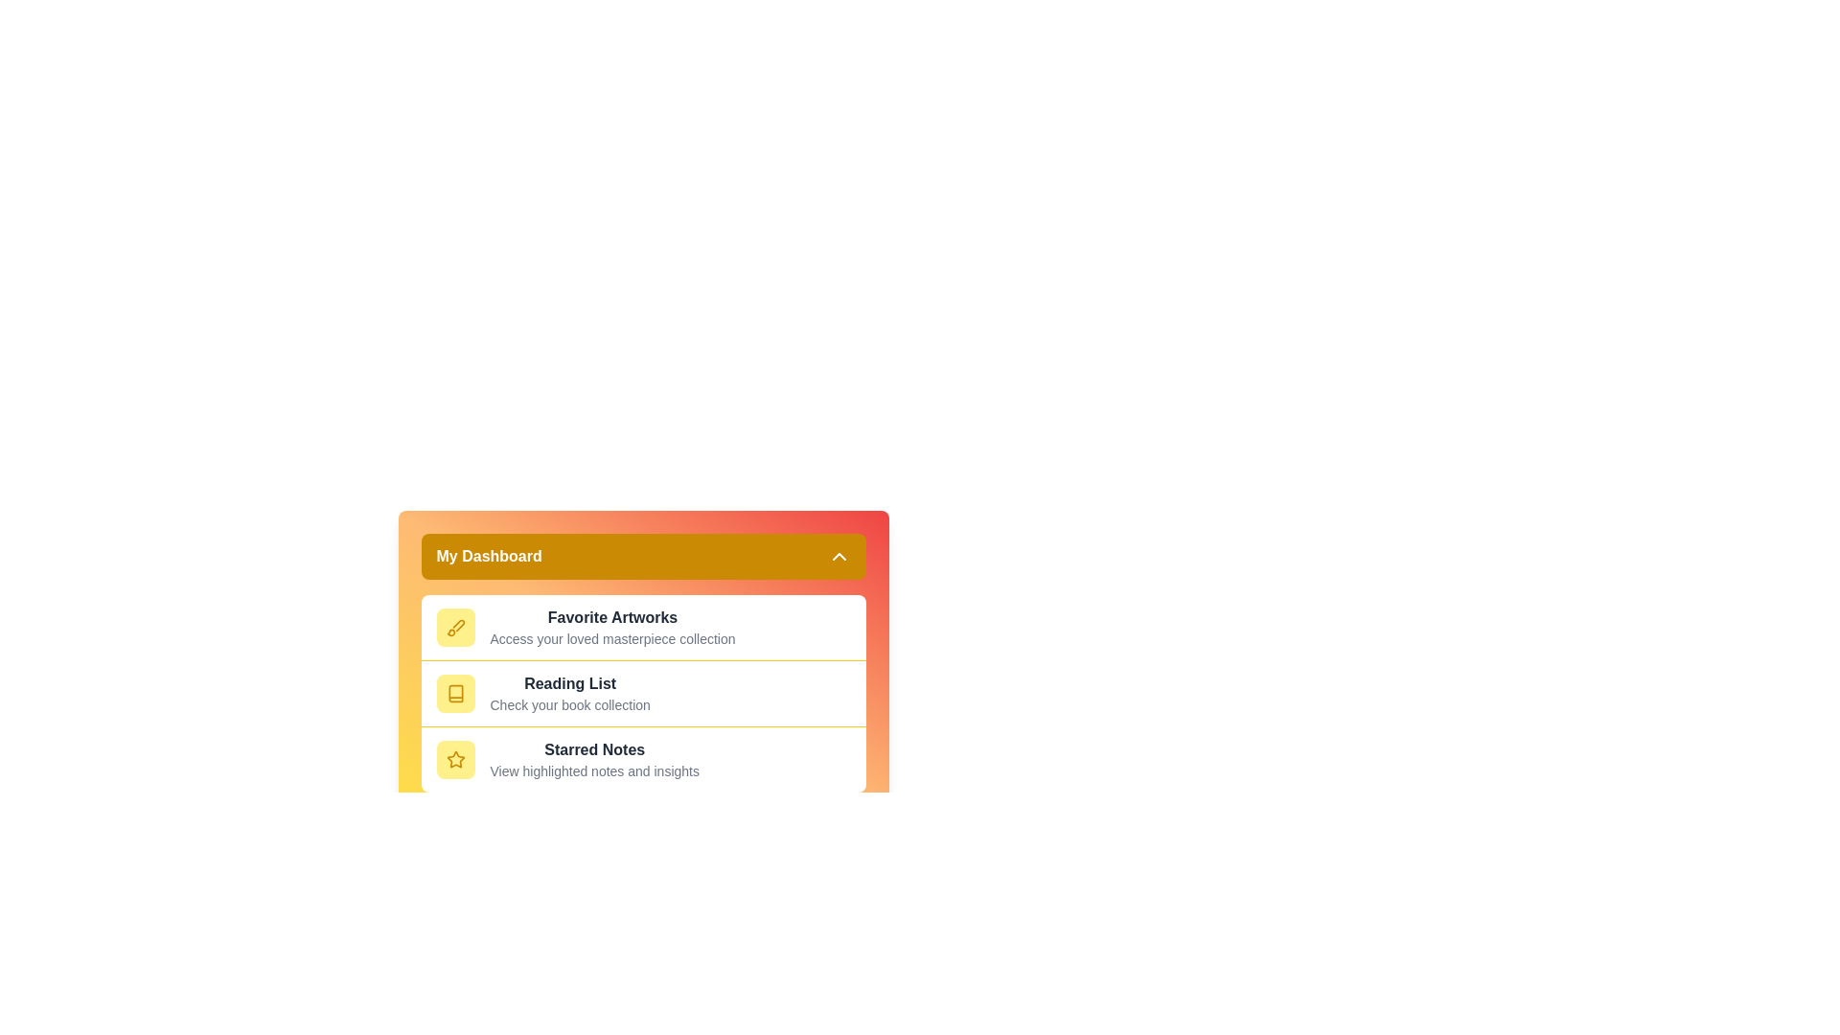 The image size is (1840, 1035). What do you see at coordinates (454, 628) in the screenshot?
I see `the SVG icon of a paintbrush located in the 'My Dashboard' panel, preceding the text 'Favorite Artworks', to interact with the feature` at bounding box center [454, 628].